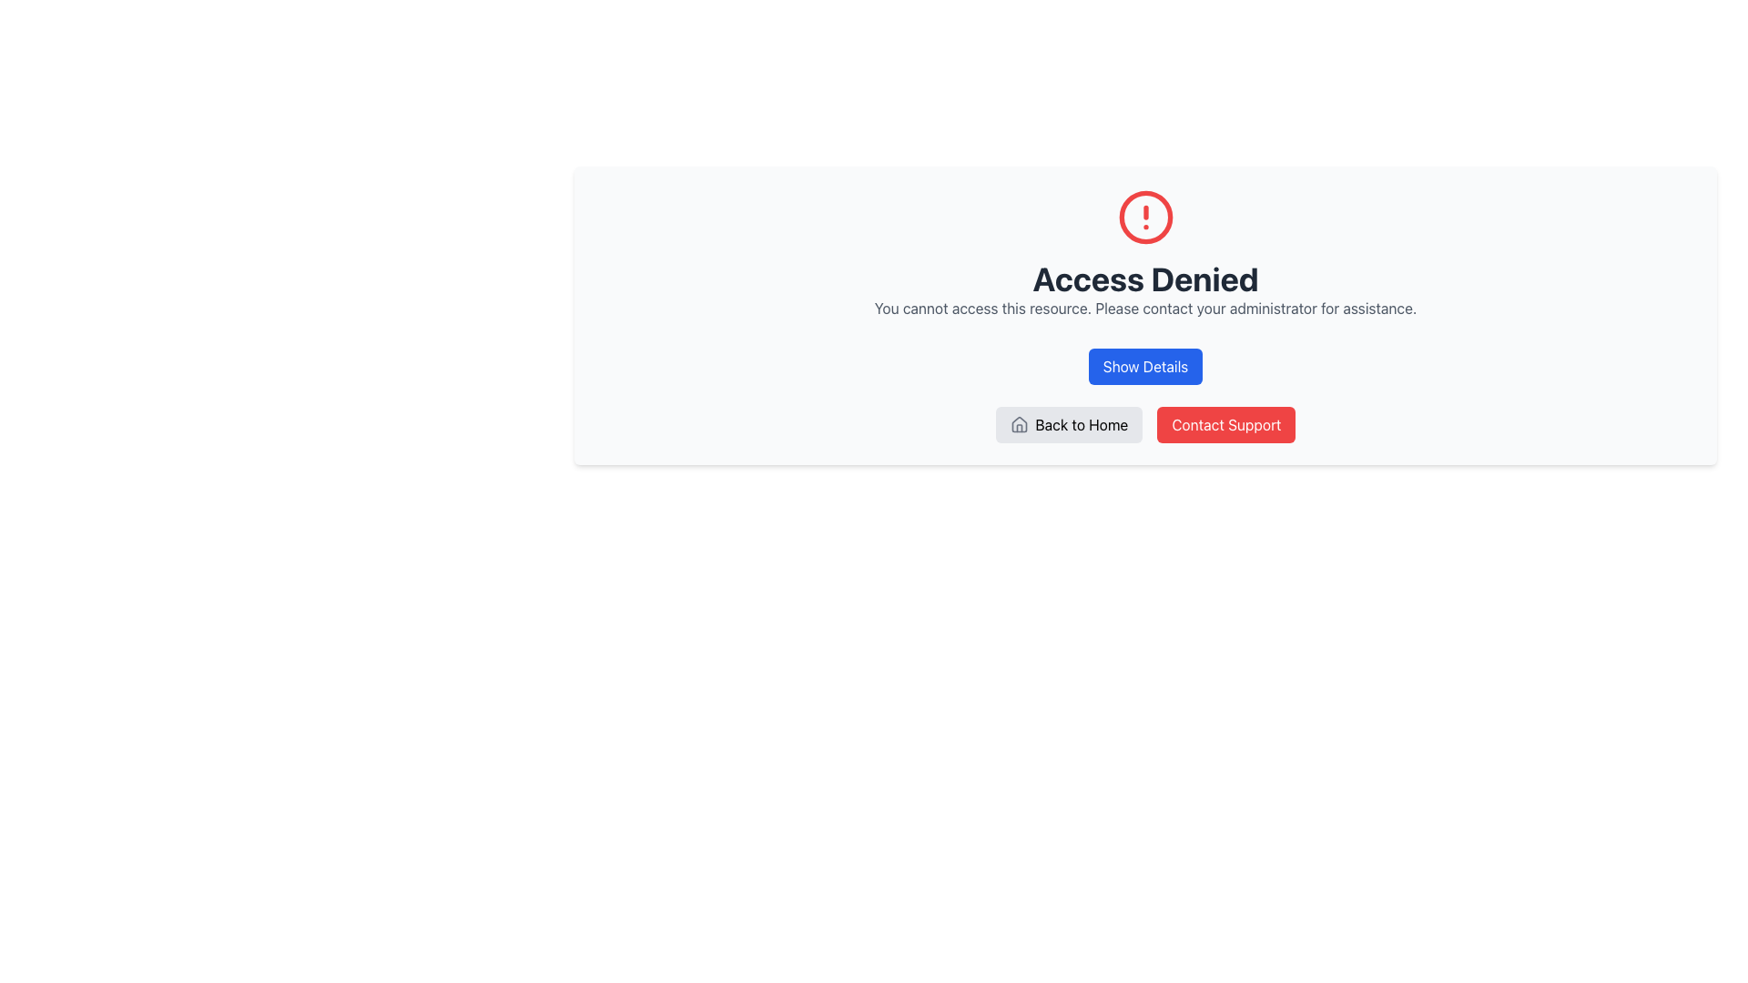 This screenshot has width=1748, height=983. What do you see at coordinates (1144, 366) in the screenshot?
I see `the 'Show Details' button located below the 'Access Denied' heading for accessibility purposes` at bounding box center [1144, 366].